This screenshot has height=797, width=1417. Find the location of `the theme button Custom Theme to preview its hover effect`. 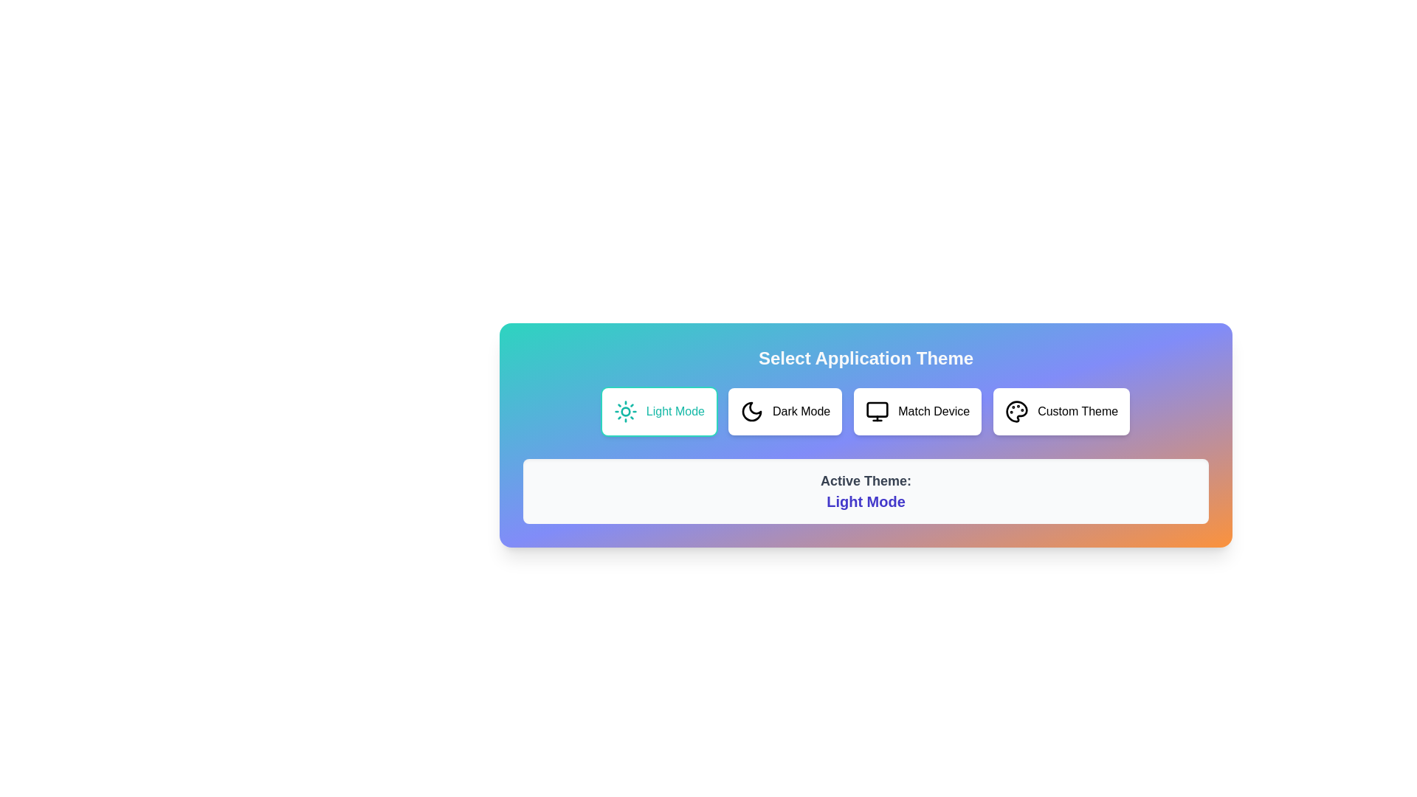

the theme button Custom Theme to preview its hover effect is located at coordinates (1061, 412).